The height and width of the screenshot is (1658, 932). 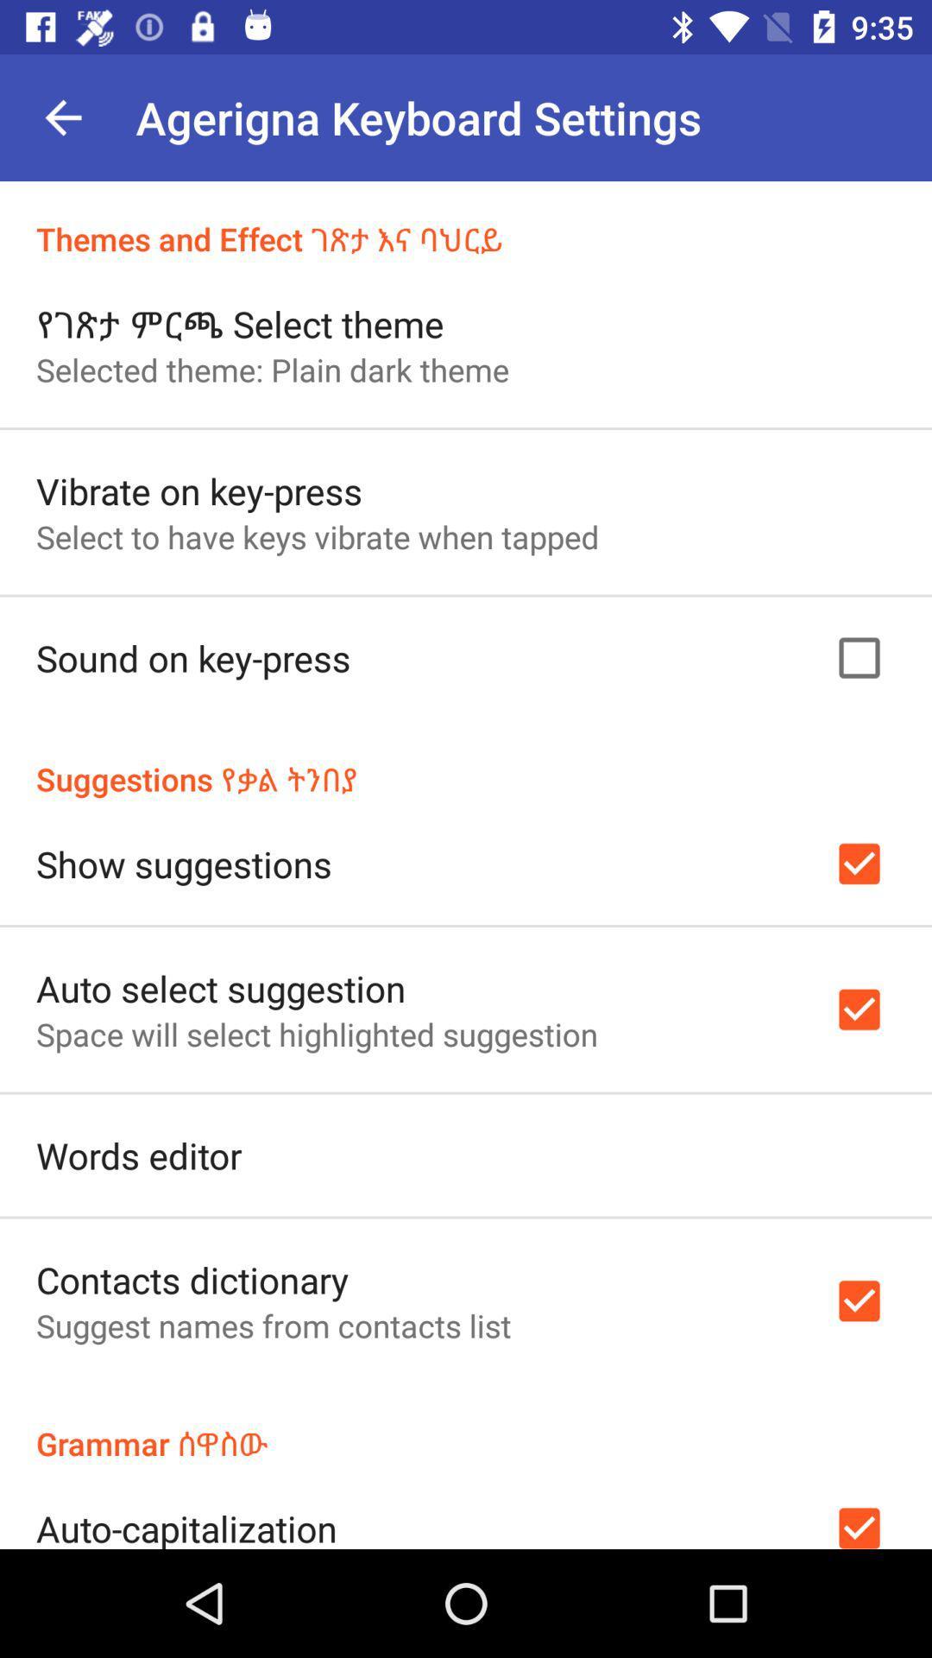 What do you see at coordinates (62, 117) in the screenshot?
I see `the icon above themes and effect item` at bounding box center [62, 117].